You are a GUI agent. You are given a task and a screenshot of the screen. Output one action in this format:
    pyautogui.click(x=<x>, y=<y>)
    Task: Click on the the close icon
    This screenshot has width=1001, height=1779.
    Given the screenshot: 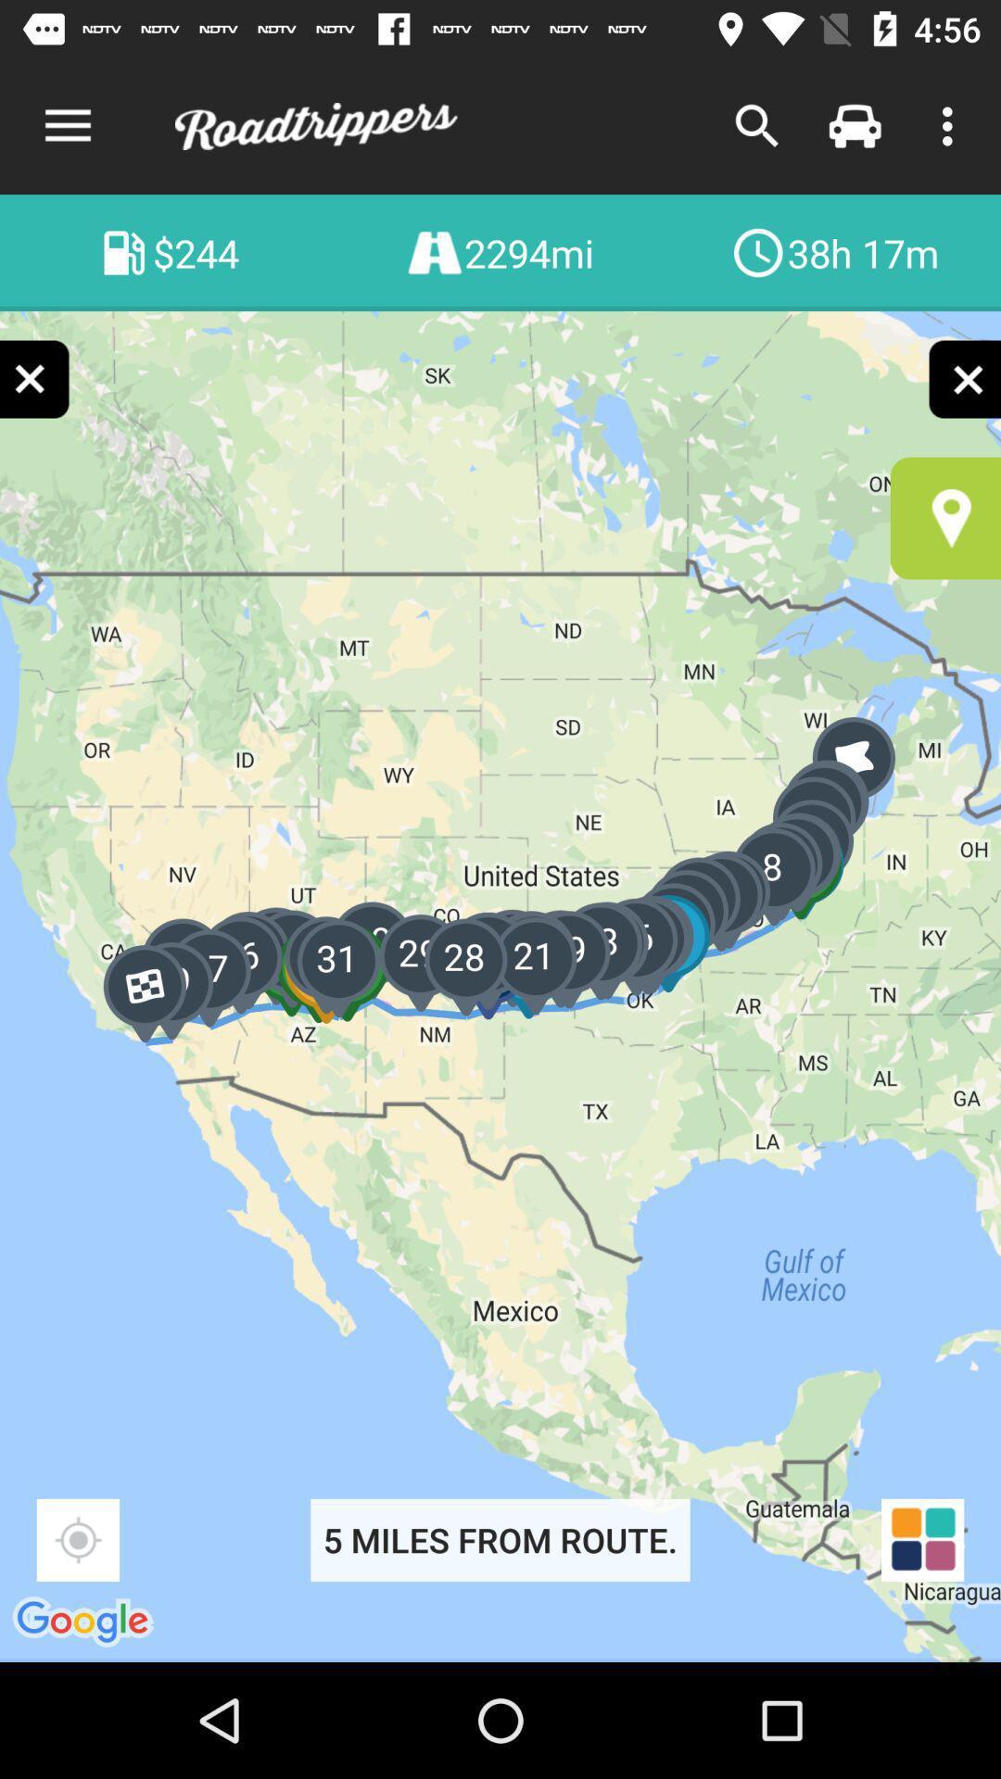 What is the action you would take?
    pyautogui.click(x=963, y=378)
    